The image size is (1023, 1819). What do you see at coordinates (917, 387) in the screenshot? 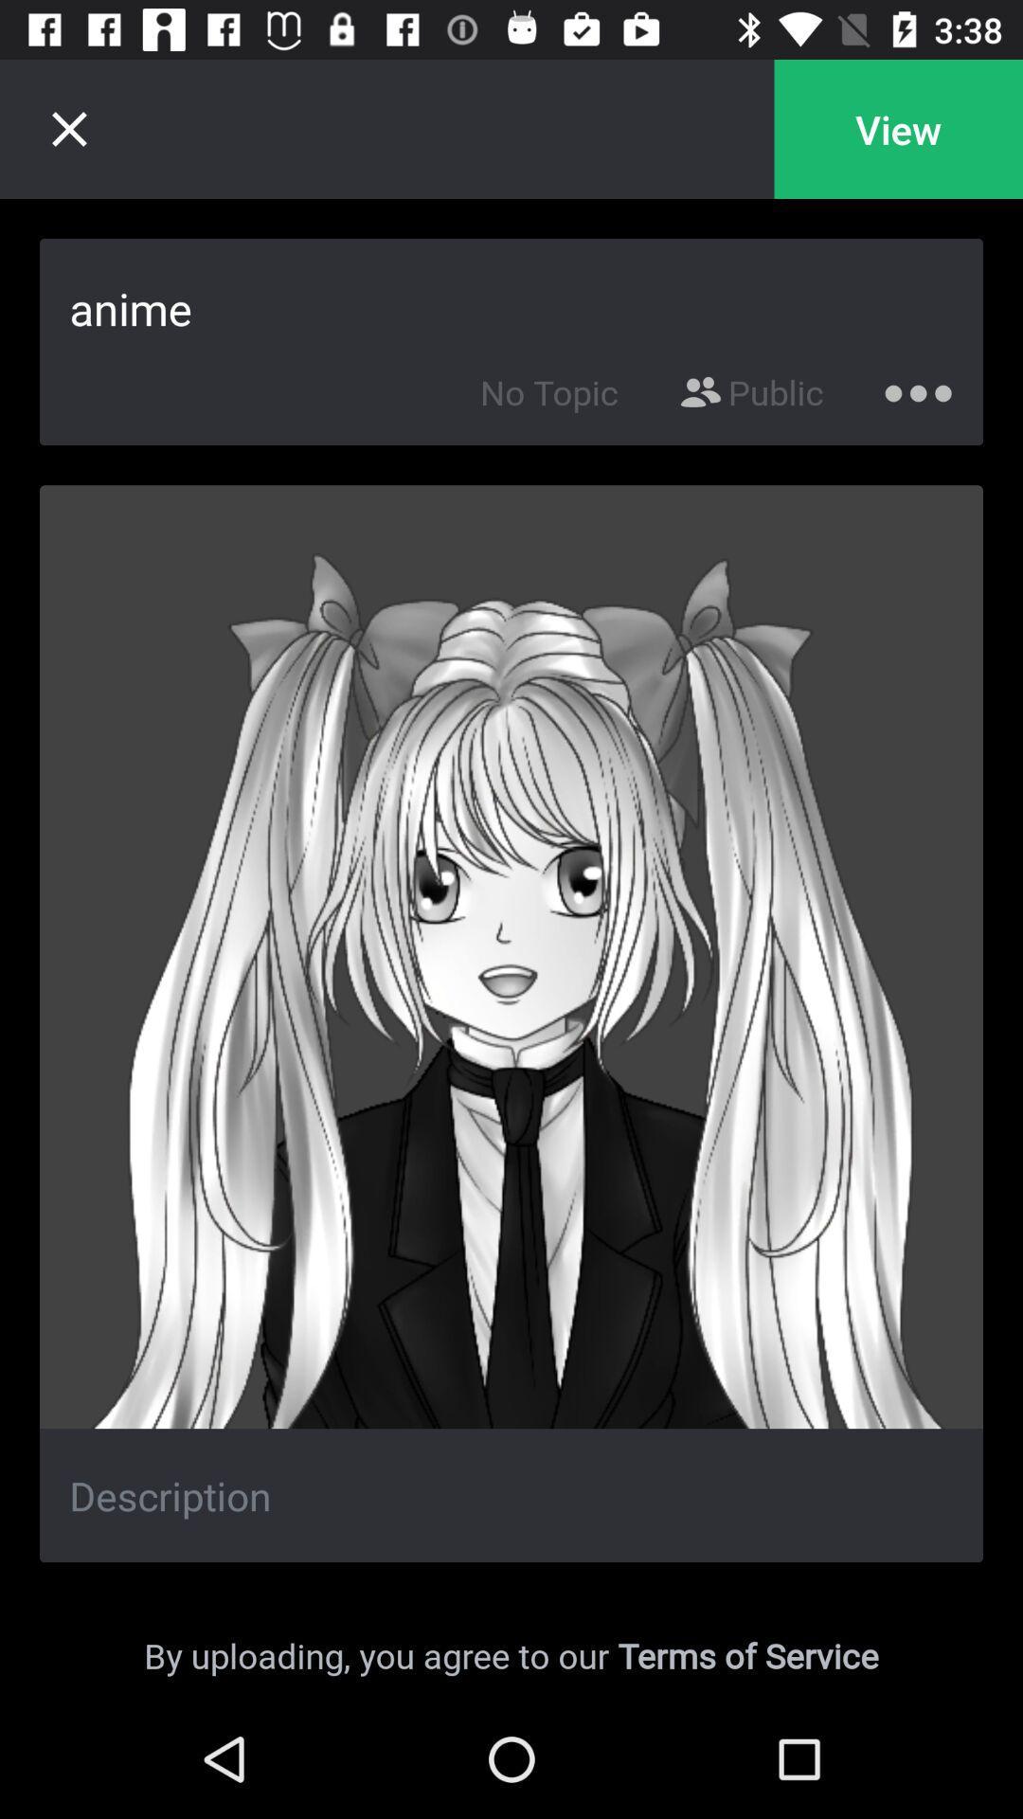
I see `open drop down menu` at bounding box center [917, 387].